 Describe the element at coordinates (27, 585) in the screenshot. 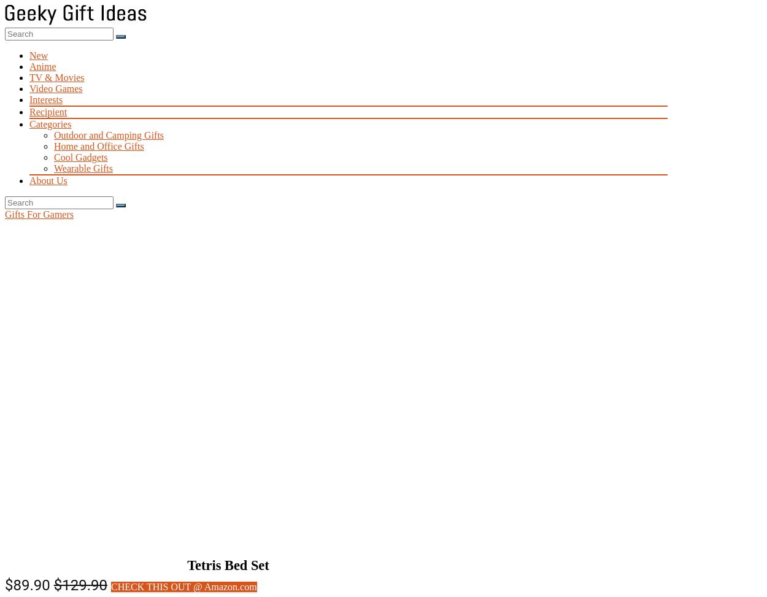

I see `'$89.90'` at that location.